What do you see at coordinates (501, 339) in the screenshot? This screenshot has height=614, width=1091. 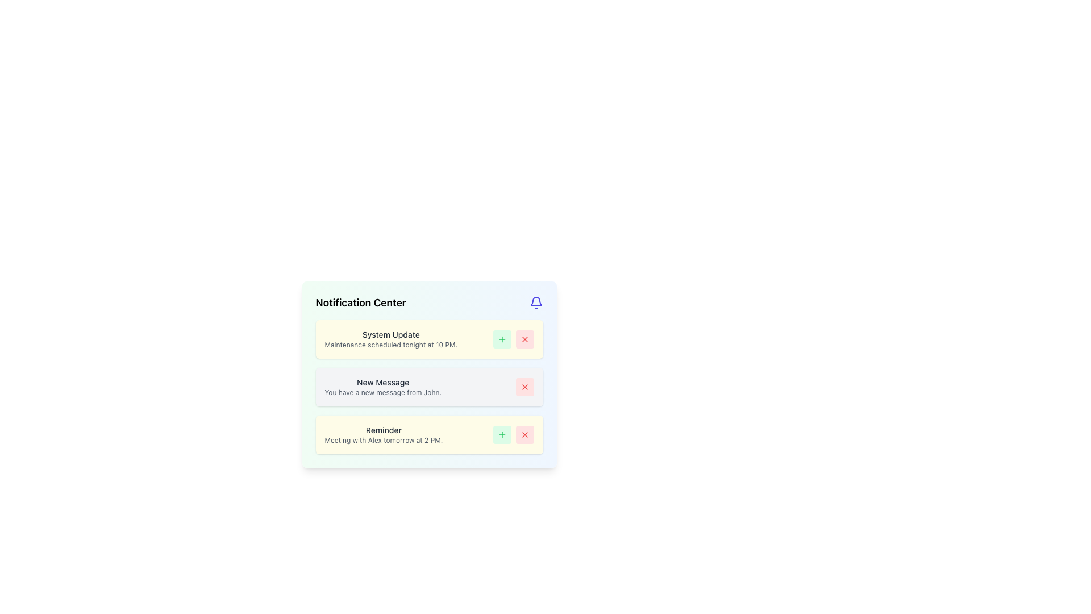 I see `the green plus icon located inside the light green button in the notification center` at bounding box center [501, 339].